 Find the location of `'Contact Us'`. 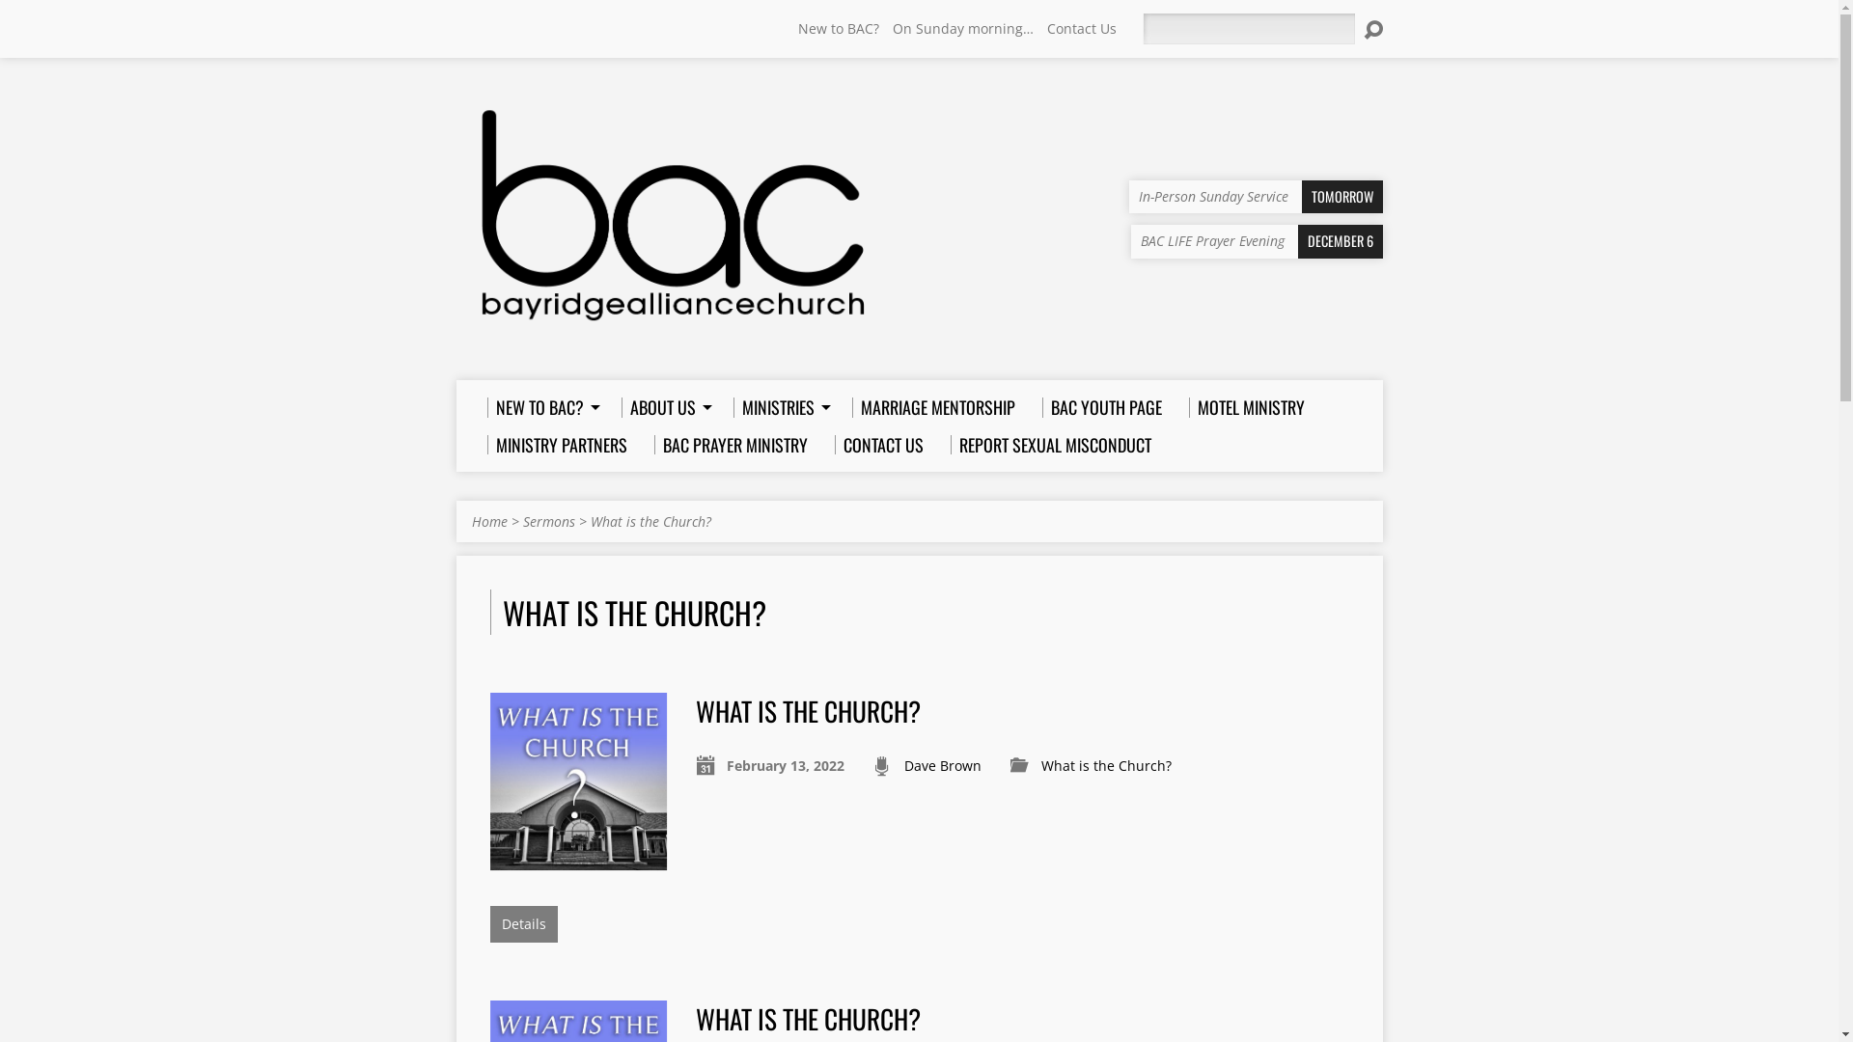

'Contact Us' is located at coordinates (1045, 28).